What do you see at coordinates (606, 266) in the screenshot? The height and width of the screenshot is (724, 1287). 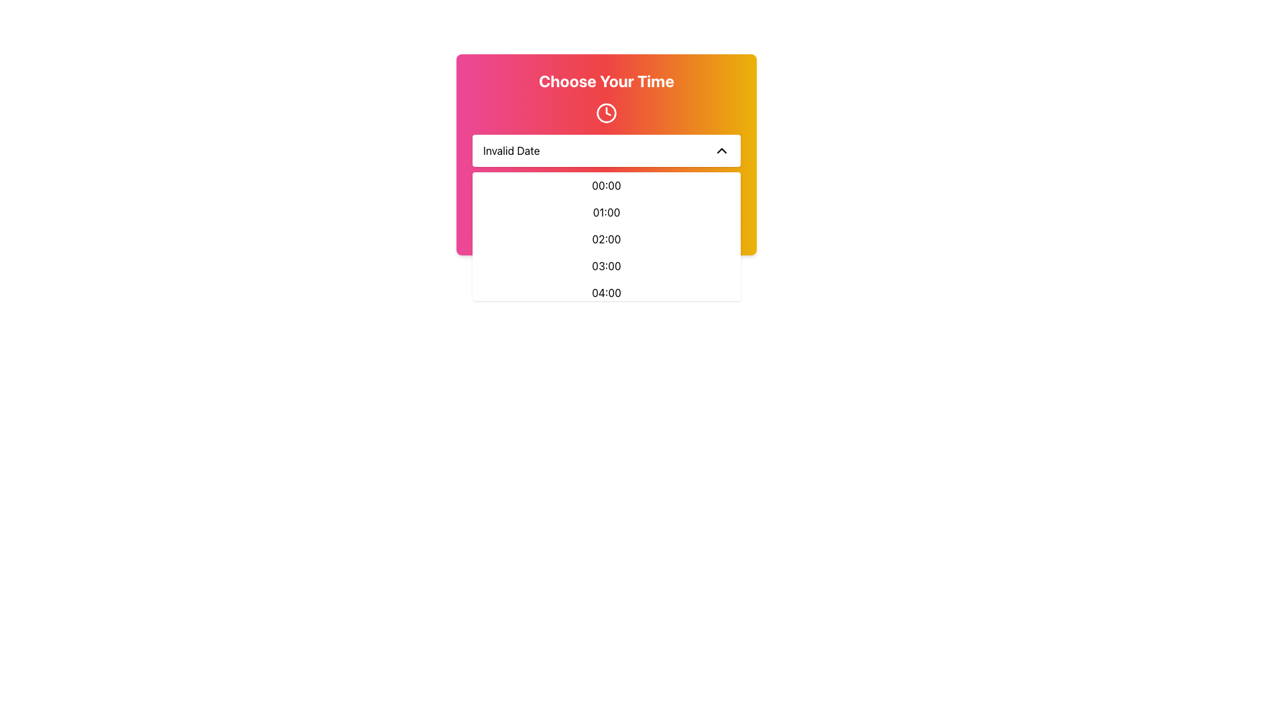 I see `the time option '03:00' by clicking on the fourth item in the dropdown menu, which has a clean white background and dark text` at bounding box center [606, 266].